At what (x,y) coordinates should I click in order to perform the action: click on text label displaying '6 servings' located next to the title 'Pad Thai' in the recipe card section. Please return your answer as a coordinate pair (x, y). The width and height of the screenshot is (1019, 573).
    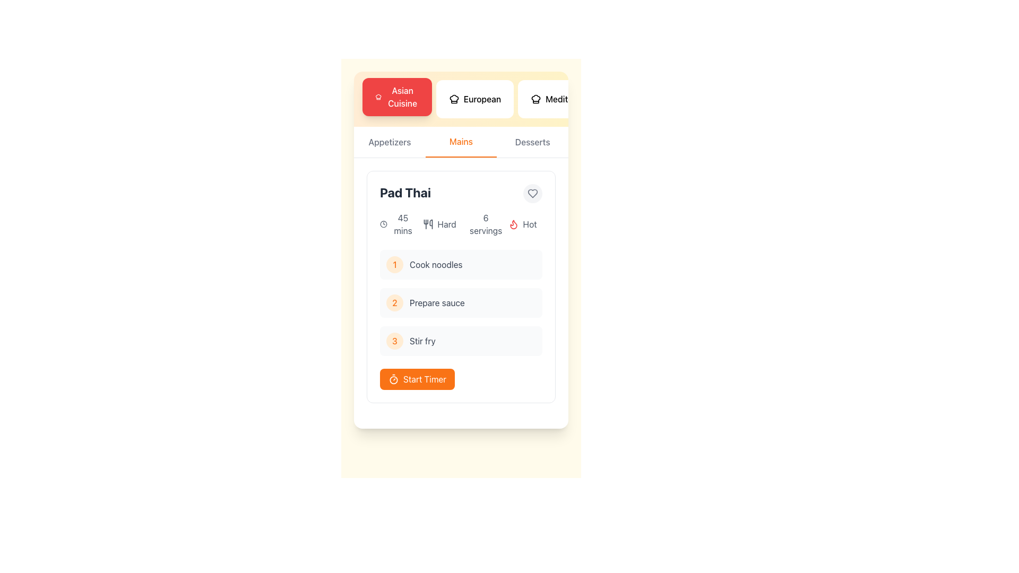
    Looking at the image, I should click on (485, 224).